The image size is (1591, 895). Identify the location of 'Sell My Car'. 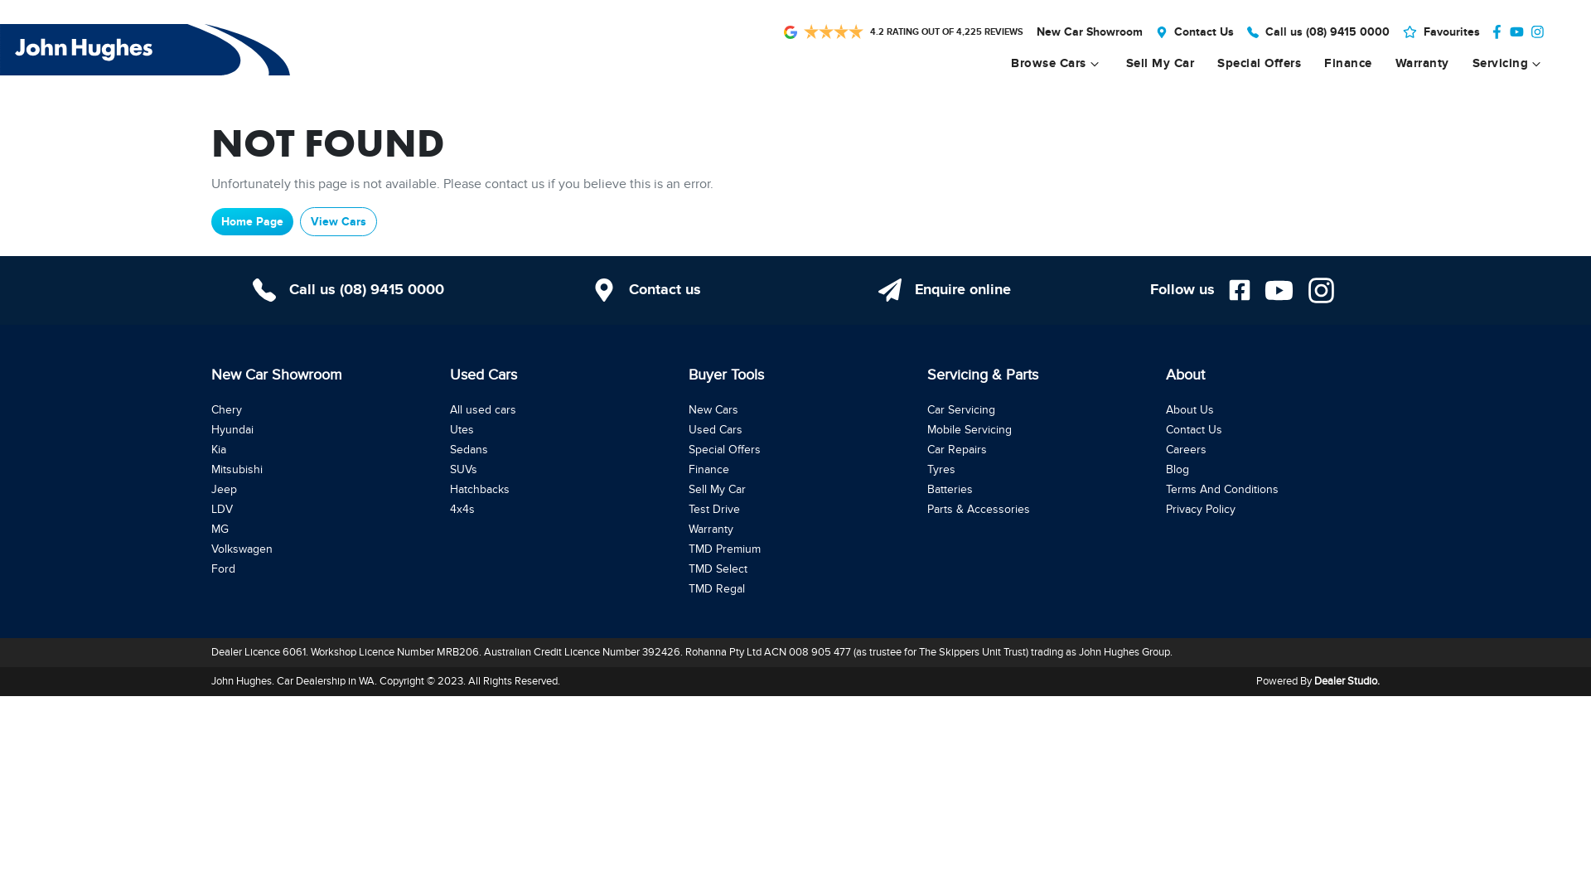
(1158, 62).